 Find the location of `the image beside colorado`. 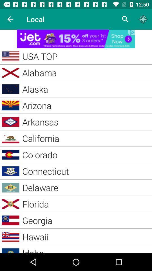

the image beside colorado is located at coordinates (11, 155).